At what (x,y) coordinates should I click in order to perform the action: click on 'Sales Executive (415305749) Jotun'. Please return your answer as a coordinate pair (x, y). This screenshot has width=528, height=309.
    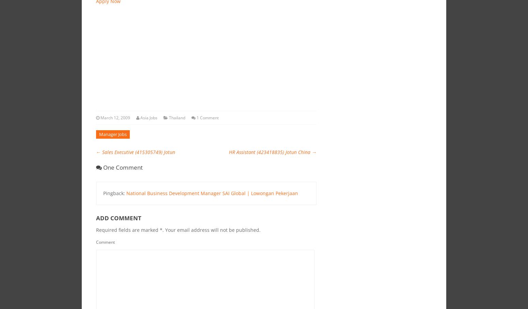
    Looking at the image, I should click on (100, 152).